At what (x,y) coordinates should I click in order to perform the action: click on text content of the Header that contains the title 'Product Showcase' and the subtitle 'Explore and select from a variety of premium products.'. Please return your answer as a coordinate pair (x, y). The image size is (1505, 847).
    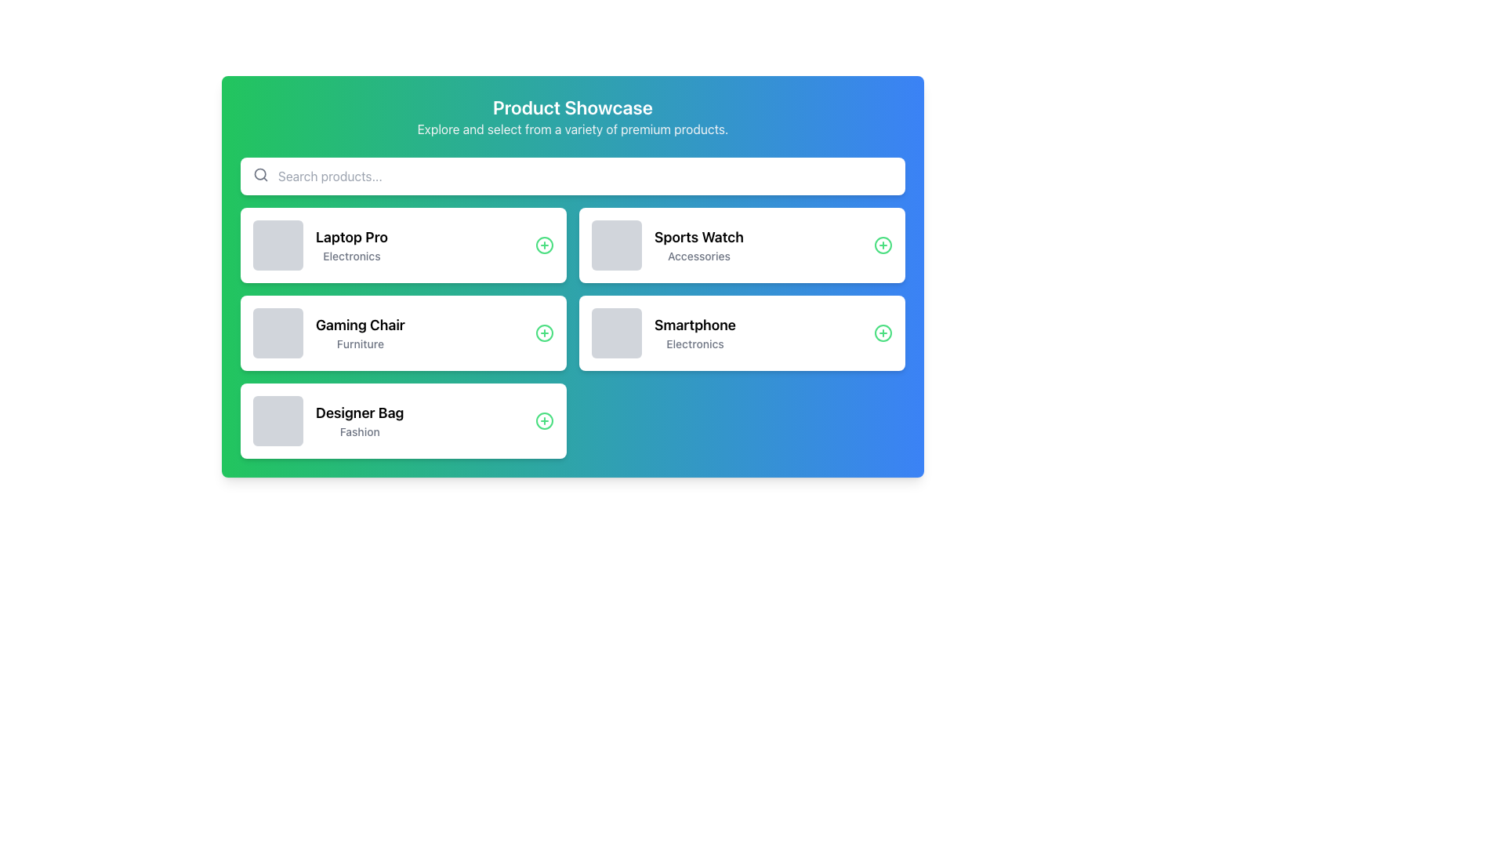
    Looking at the image, I should click on (571, 116).